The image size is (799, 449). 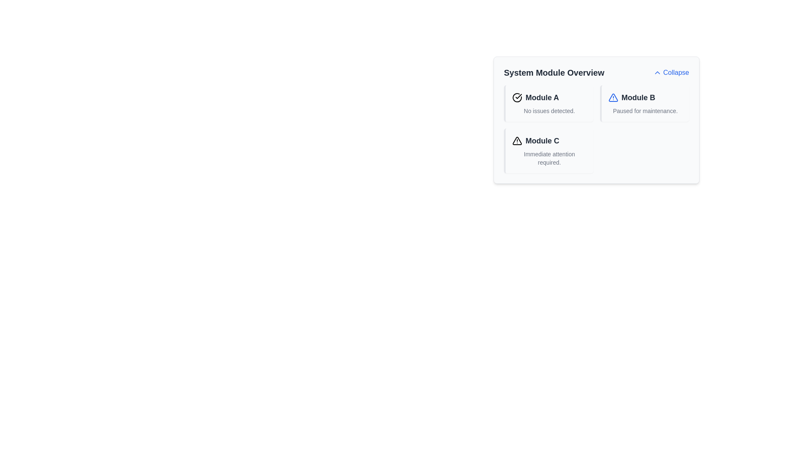 What do you see at coordinates (613, 97) in the screenshot?
I see `the alert icon indicating 'Module B' operations within the 'System Module Overview' dashboard` at bounding box center [613, 97].